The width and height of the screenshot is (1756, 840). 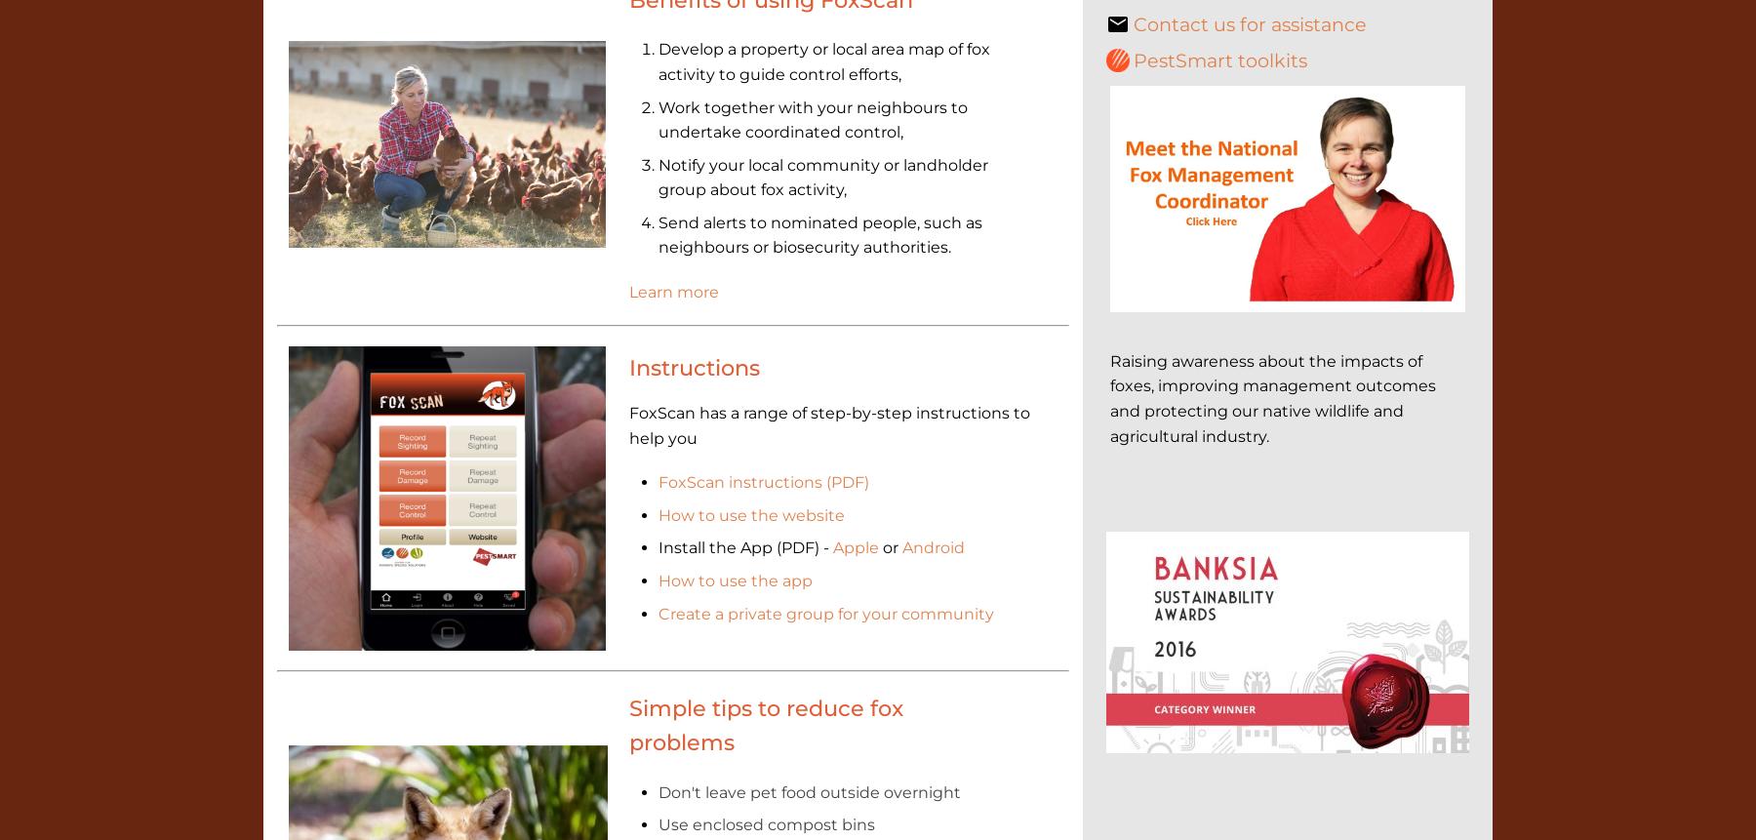 What do you see at coordinates (671, 292) in the screenshot?
I see `'Learn more'` at bounding box center [671, 292].